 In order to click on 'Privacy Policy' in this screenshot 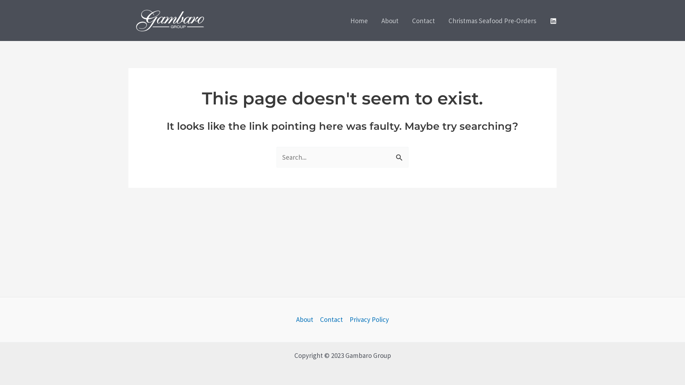, I will do `click(367, 319)`.